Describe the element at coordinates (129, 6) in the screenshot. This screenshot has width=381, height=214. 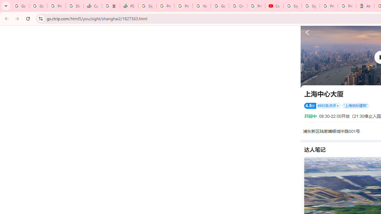
I see `'PDD Holdings Inc - ADR (PDD) Price & News - Google Finance'` at that location.